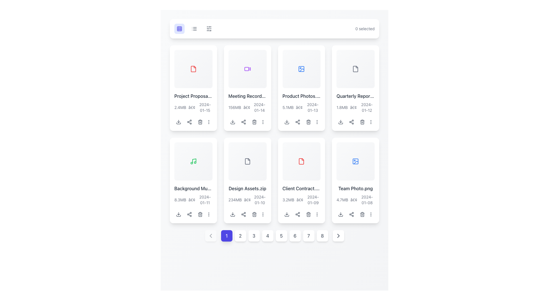  What do you see at coordinates (247, 88) in the screenshot?
I see `the file item card in the grid view, located in the second column of the first row` at bounding box center [247, 88].